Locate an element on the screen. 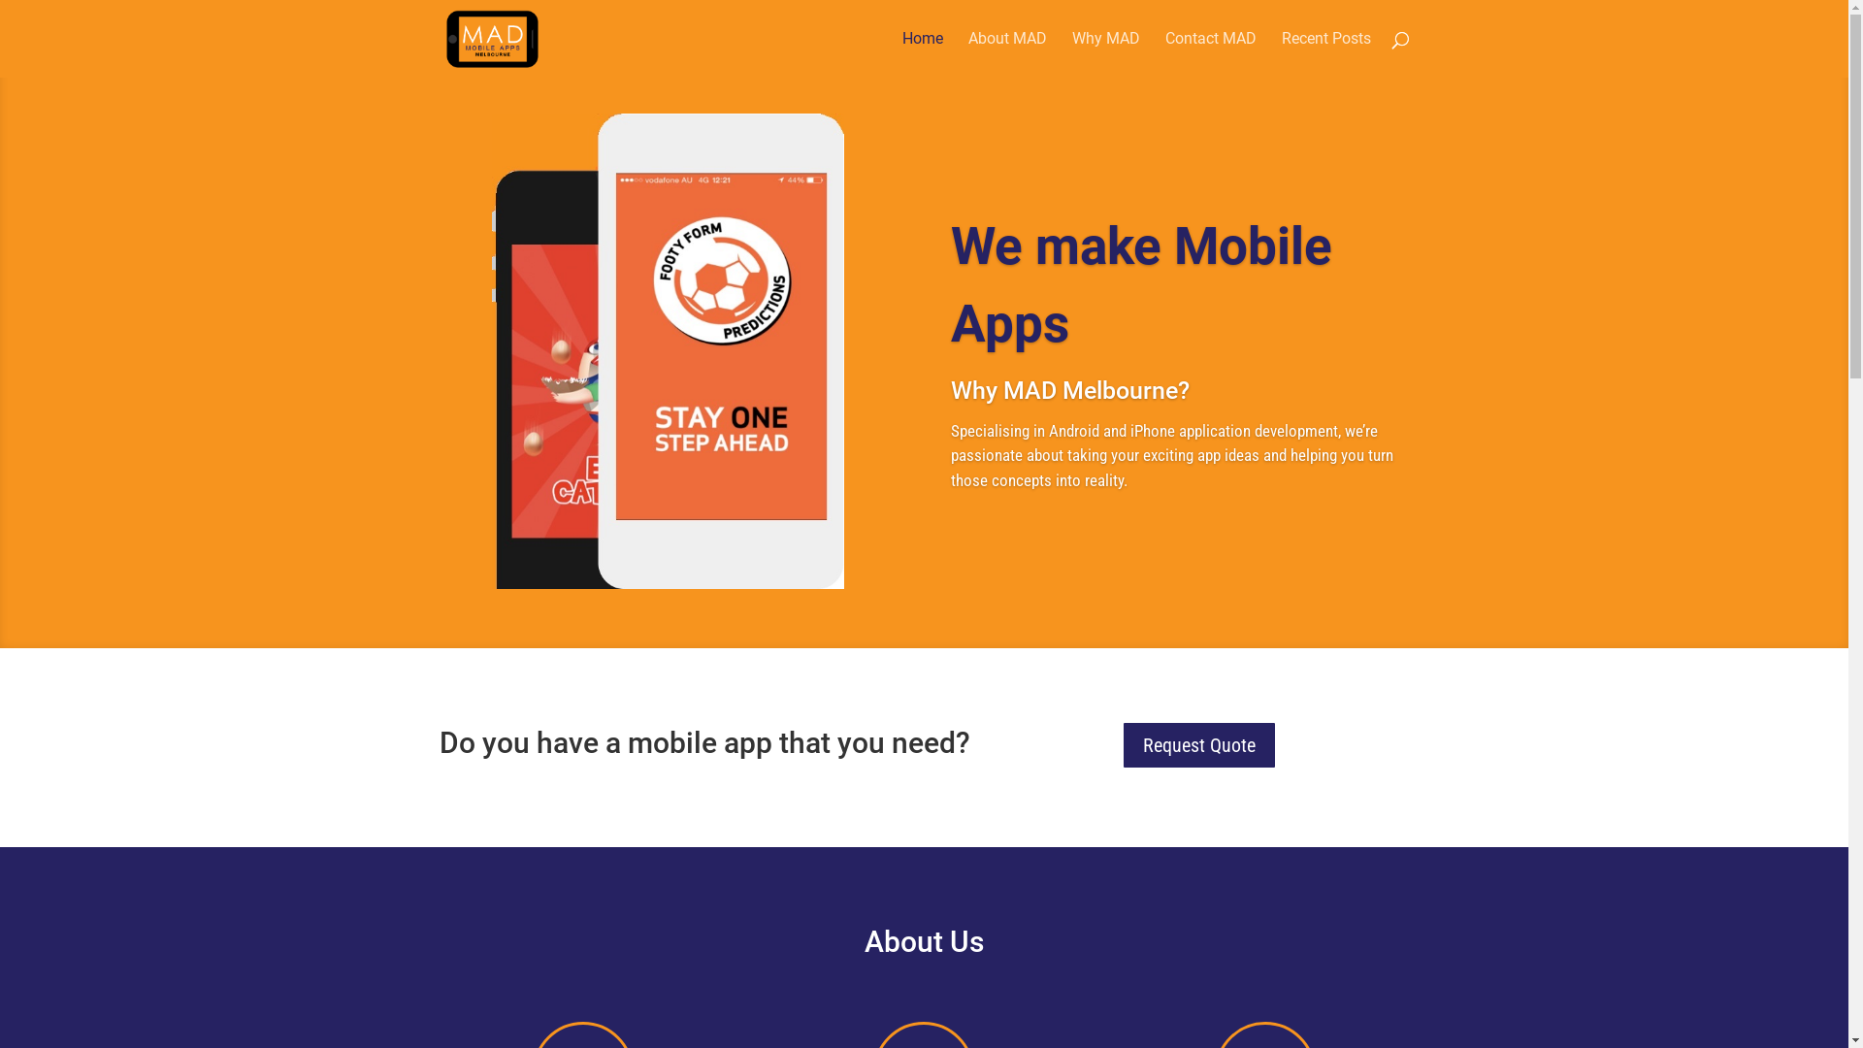 The image size is (1863, 1048). 'Request Quote' is located at coordinates (1198, 743).